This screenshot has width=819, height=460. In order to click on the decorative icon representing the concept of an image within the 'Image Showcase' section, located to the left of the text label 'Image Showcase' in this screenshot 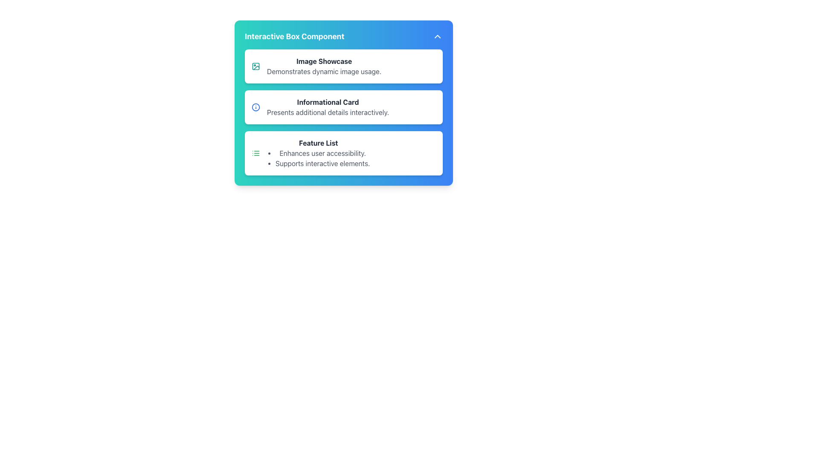, I will do `click(256, 66)`.